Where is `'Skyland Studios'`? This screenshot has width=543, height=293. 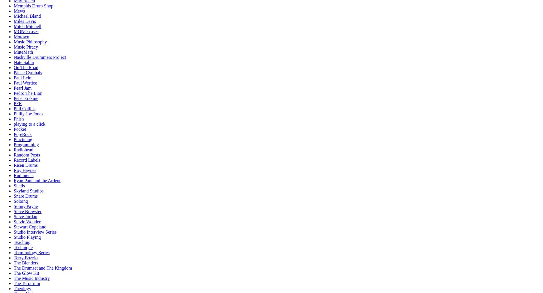
'Skyland Studios' is located at coordinates (14, 190).